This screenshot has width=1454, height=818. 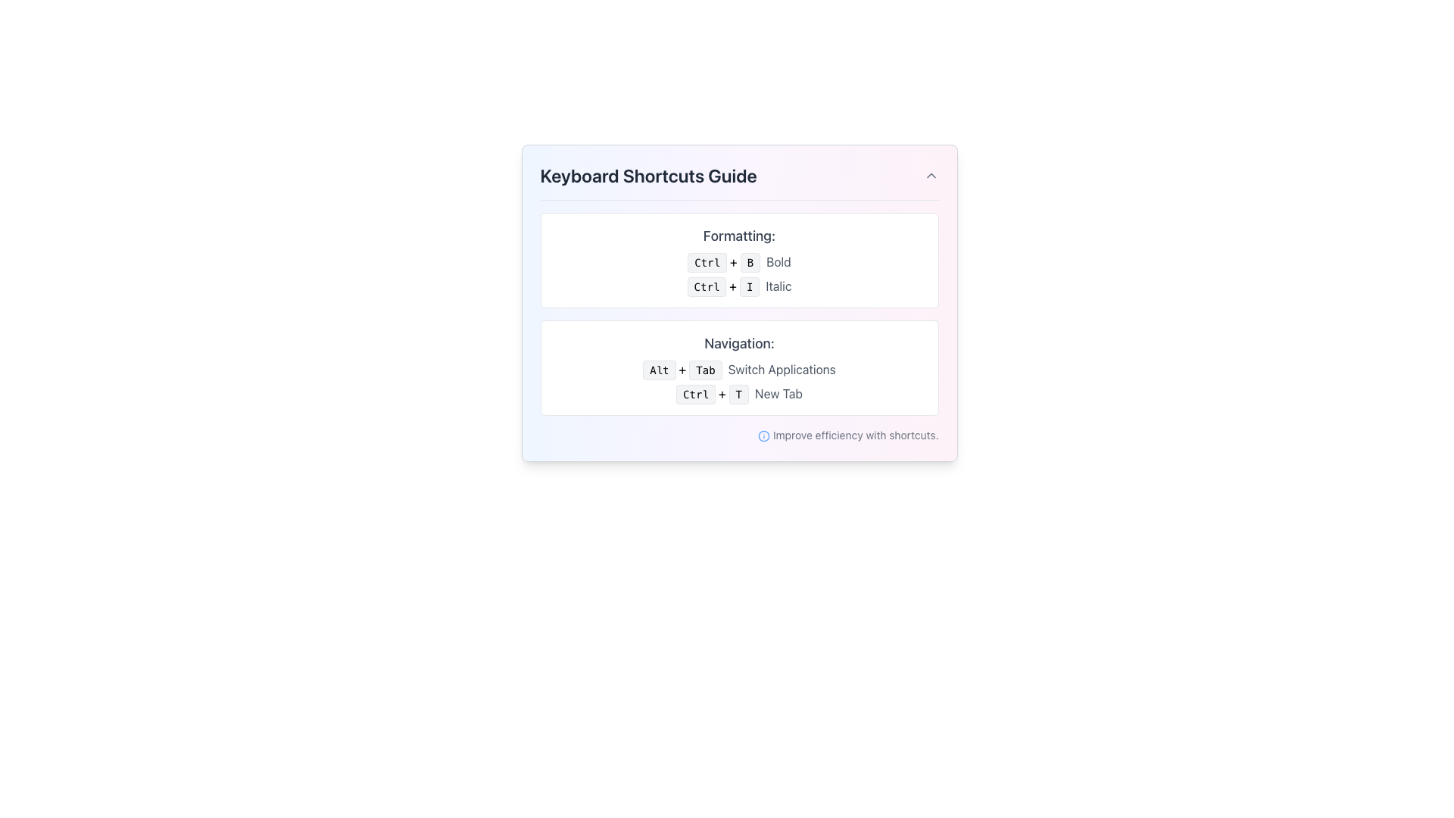 What do you see at coordinates (778, 393) in the screenshot?
I see `the static text component labeled 'New Tab', which is styled in a small gray font and positioned in the 'Navigation' section of the 'Keyboard Shortcuts Guide' panel` at bounding box center [778, 393].